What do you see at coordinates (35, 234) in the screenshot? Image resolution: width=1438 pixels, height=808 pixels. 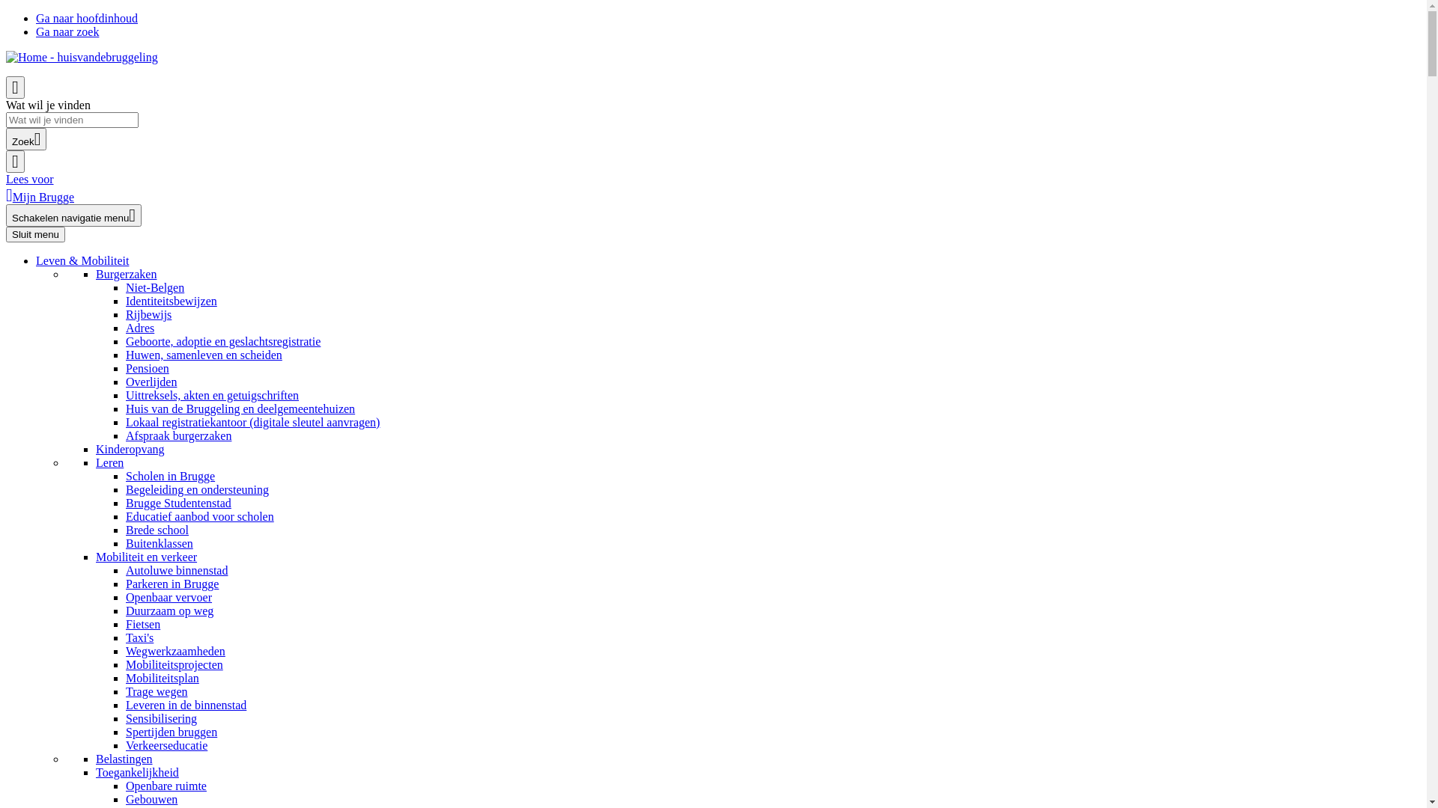 I see `'Sluit menu'` at bounding box center [35, 234].